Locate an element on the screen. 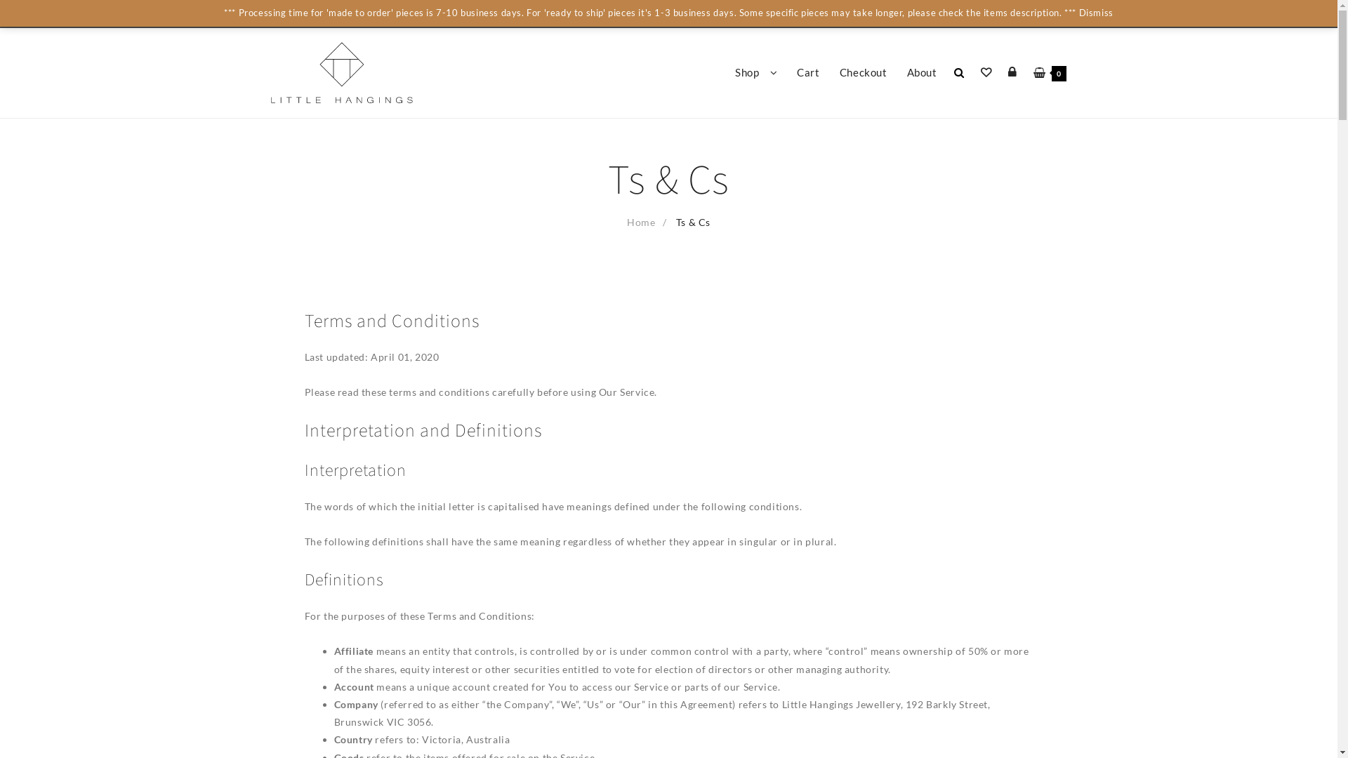 This screenshot has width=1348, height=758. 'Dismiss' is located at coordinates (1095, 13).